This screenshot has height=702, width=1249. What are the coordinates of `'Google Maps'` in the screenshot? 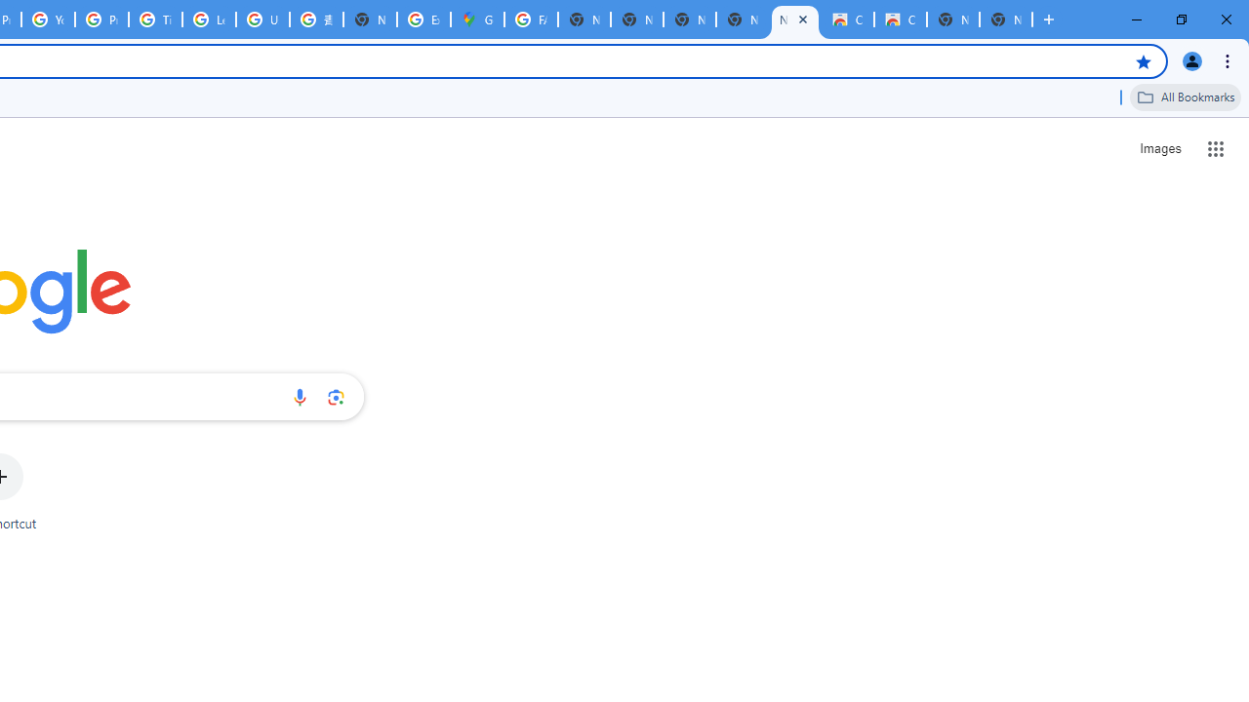 It's located at (477, 19).